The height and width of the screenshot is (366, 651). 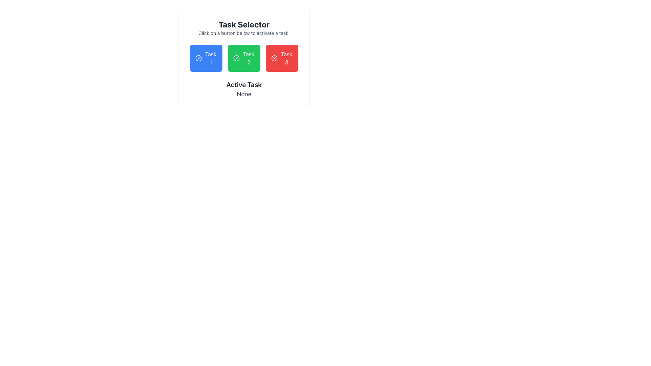 I want to click on one of the colored buttons within the 'Task Selector' widget, so click(x=244, y=58).